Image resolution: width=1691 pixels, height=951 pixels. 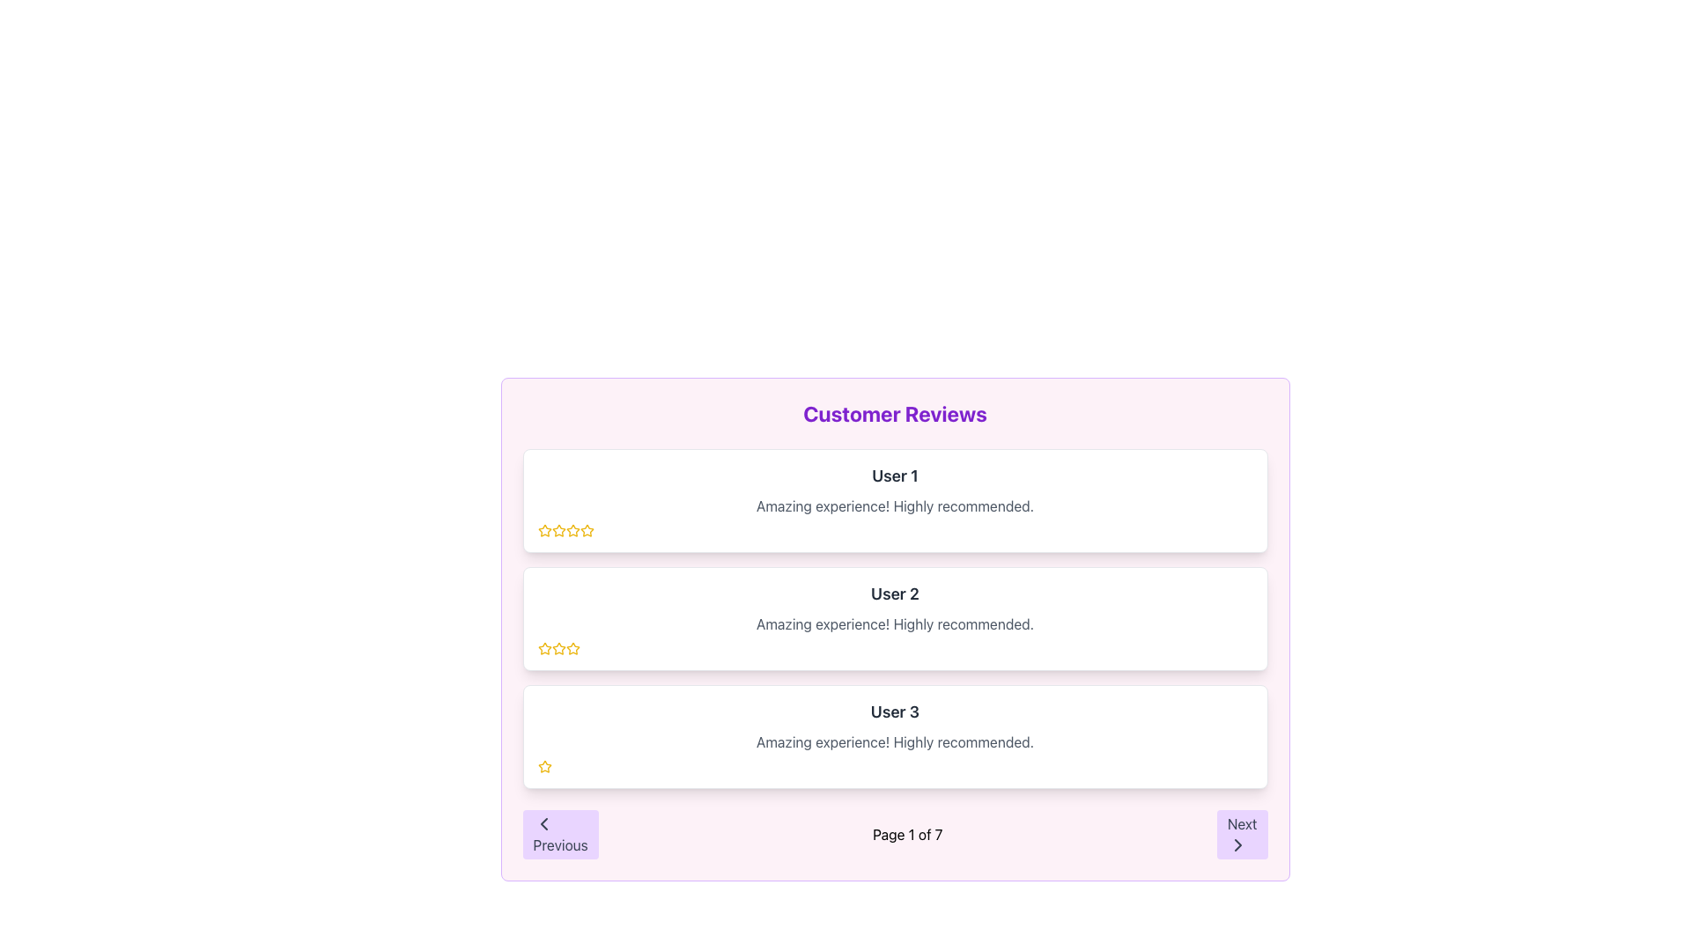 I want to click on the small triangular navigation icon pointing to the right, which is located inside the 'Next' button at the bottom-right corner of the interface, so click(x=1237, y=844).